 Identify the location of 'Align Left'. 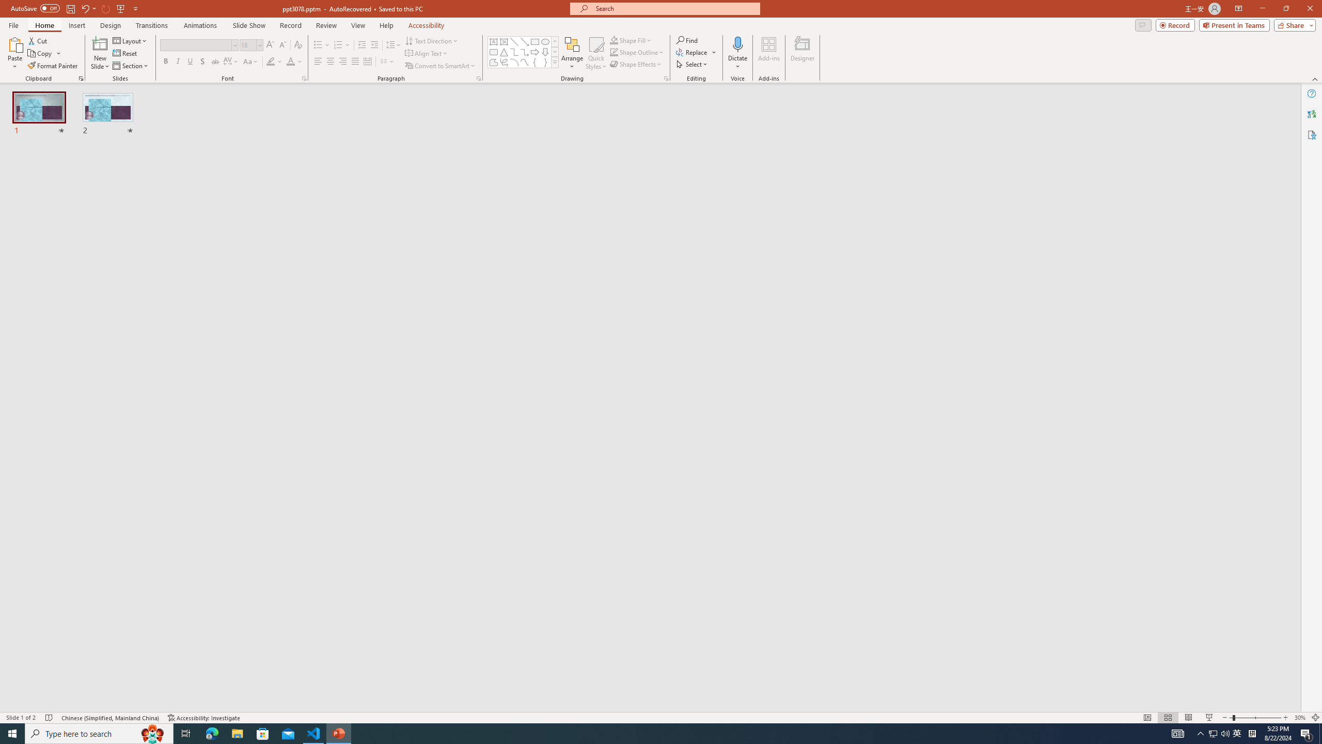
(318, 61).